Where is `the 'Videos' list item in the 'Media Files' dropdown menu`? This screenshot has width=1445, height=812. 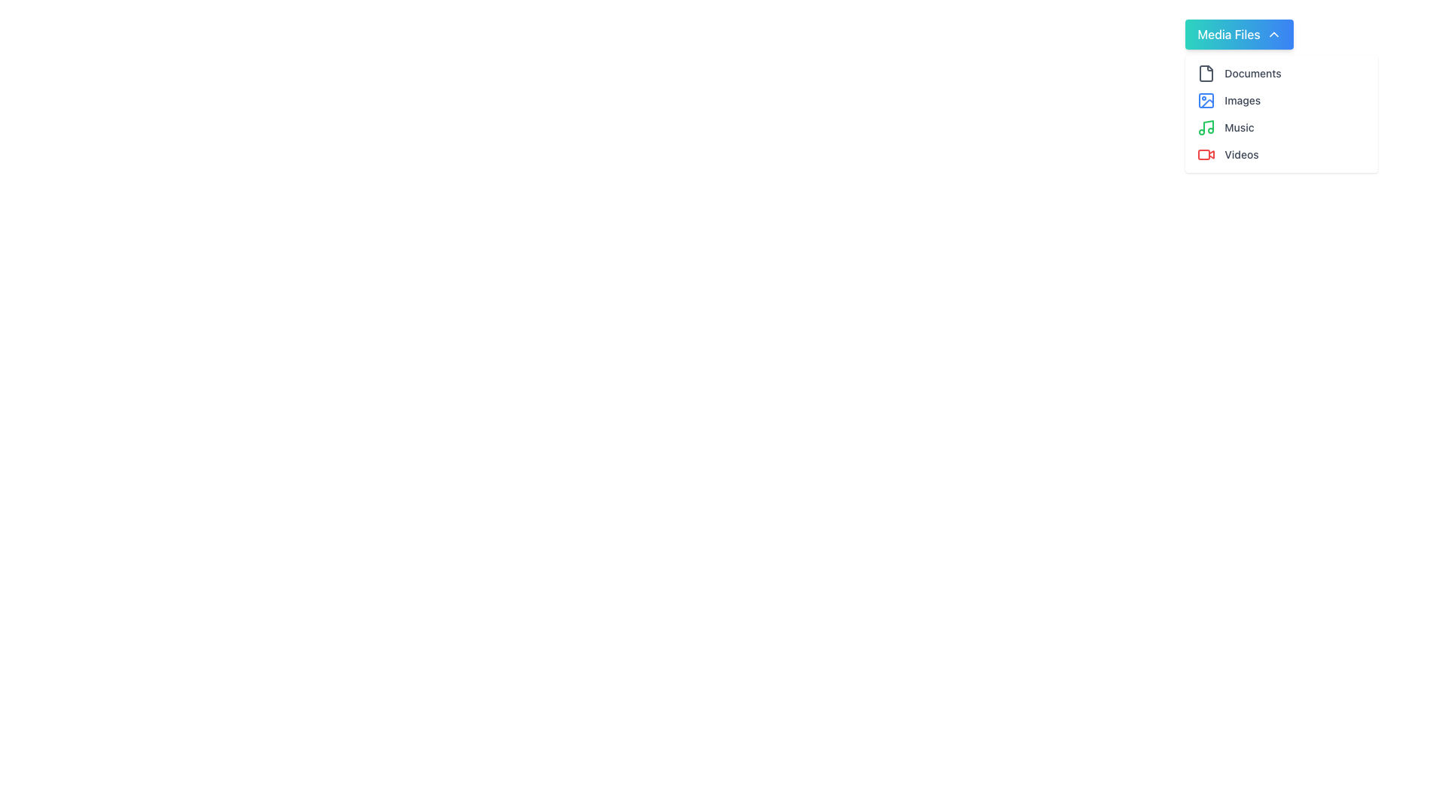
the 'Videos' list item in the 'Media Files' dropdown menu is located at coordinates (1281, 154).